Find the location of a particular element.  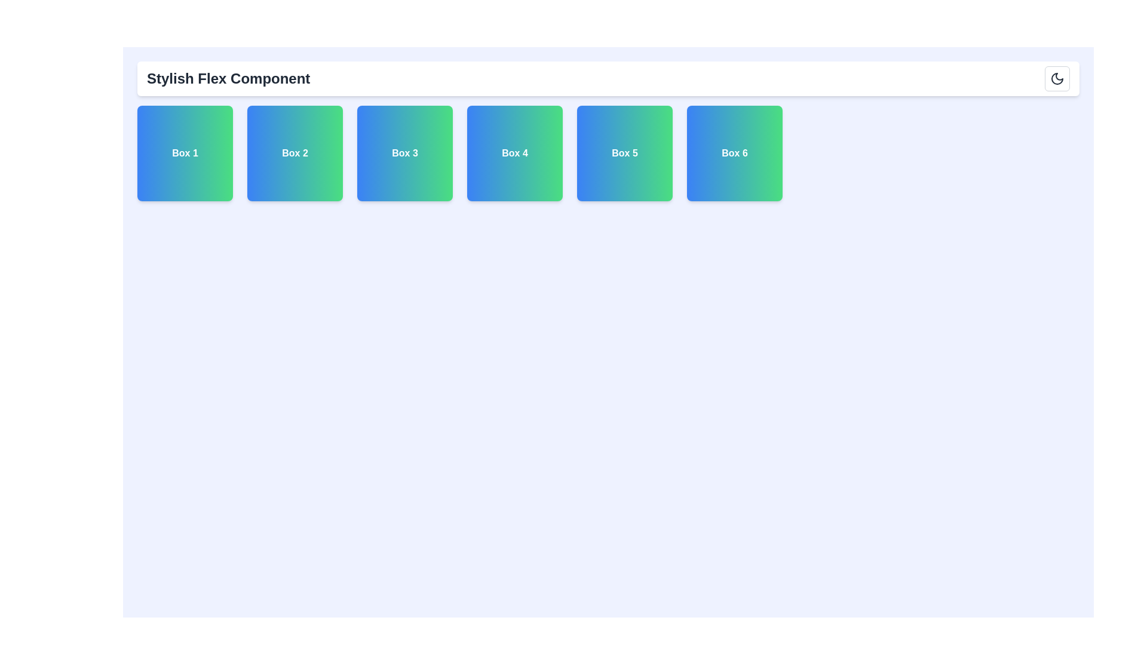

the interactive visual box labeled 'Box 2' with a gradient background transitioning from blue to green is located at coordinates (295, 153).